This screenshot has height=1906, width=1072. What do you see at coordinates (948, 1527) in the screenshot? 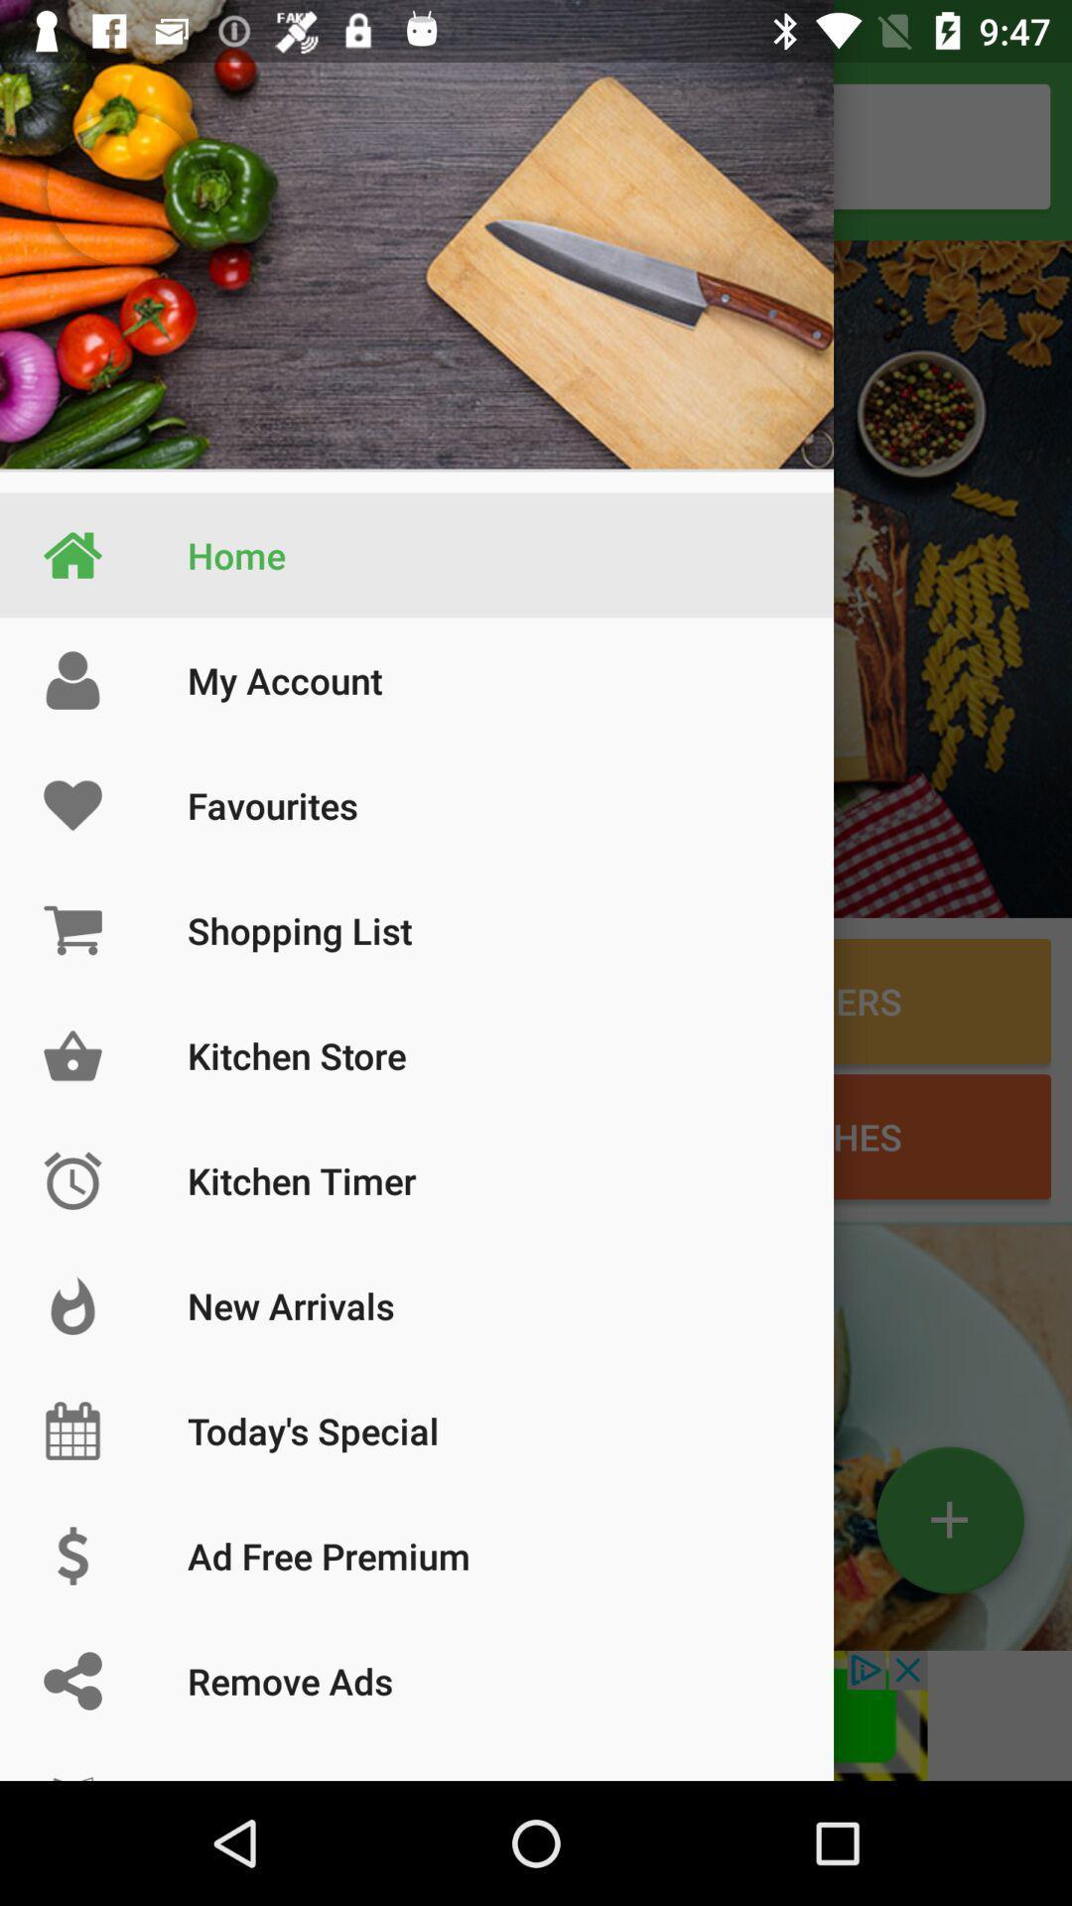
I see `the add icon` at bounding box center [948, 1527].